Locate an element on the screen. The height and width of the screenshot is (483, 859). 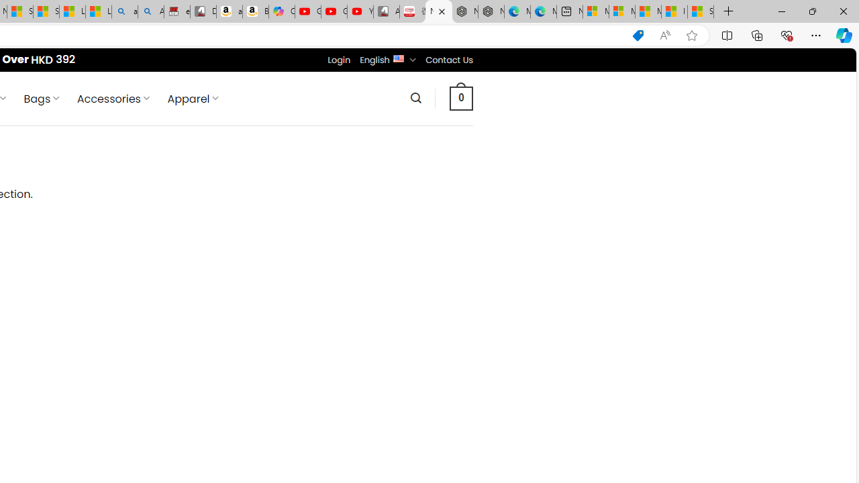
'Amazon Echo Dot PNG - Search Images' is located at coordinates (151, 11).